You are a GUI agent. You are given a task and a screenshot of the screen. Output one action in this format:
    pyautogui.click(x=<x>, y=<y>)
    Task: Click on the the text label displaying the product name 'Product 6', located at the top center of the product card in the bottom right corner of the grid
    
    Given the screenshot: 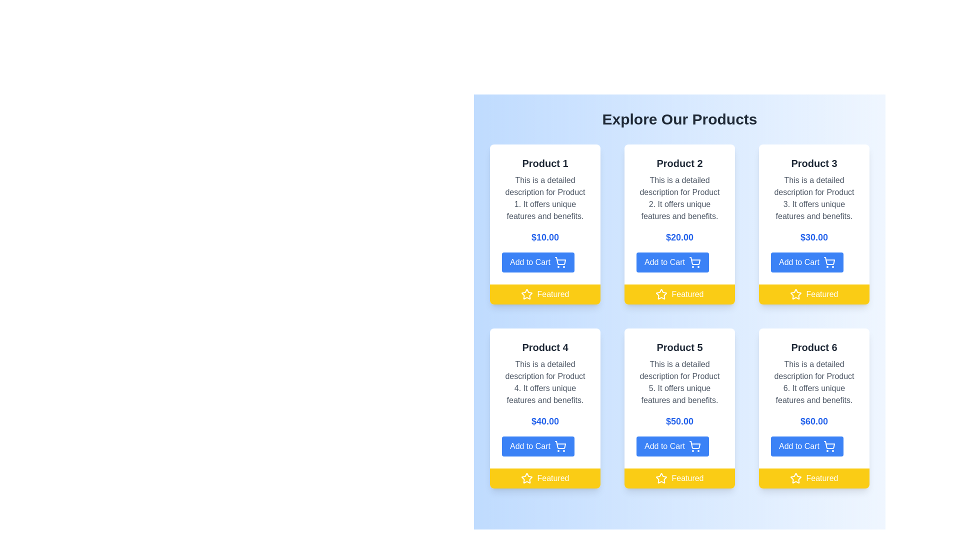 What is the action you would take?
    pyautogui.click(x=814, y=346)
    